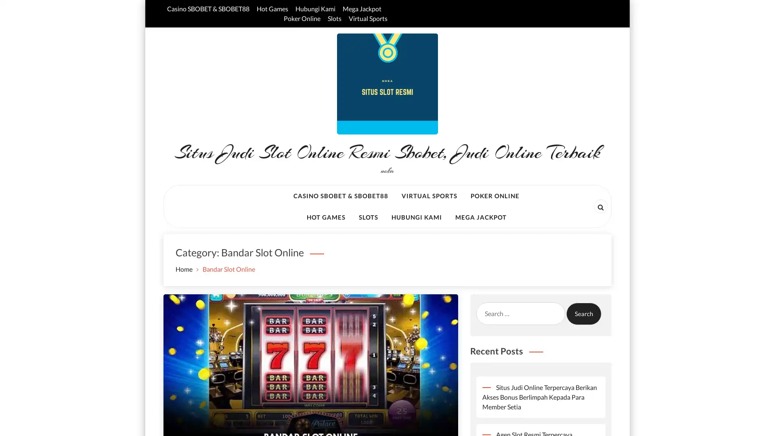 The width and height of the screenshot is (775, 436). I want to click on Search, so click(584, 313).